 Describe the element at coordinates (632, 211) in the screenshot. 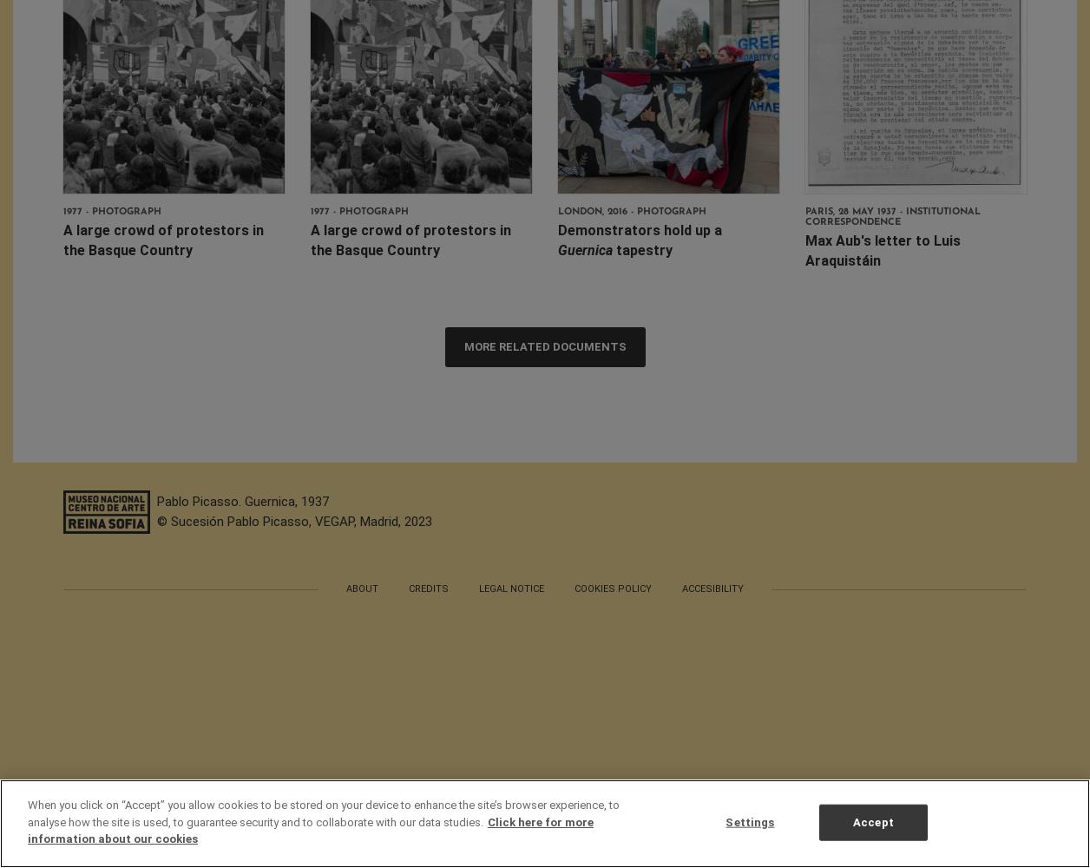

I see `'London, 2016


              -
      
              Photograph'` at that location.